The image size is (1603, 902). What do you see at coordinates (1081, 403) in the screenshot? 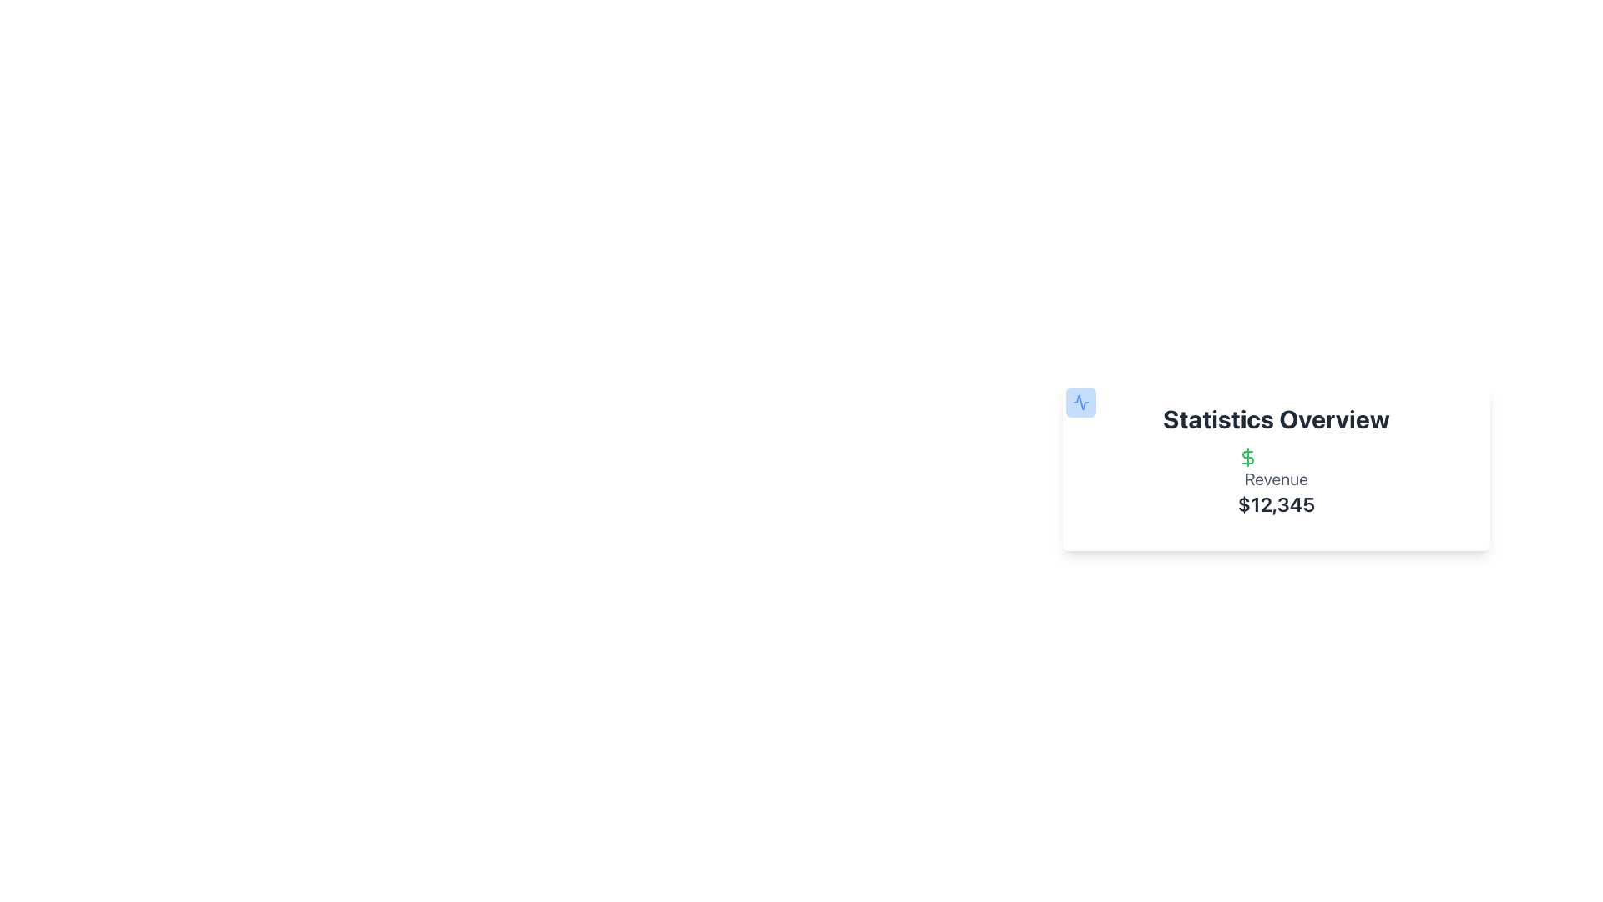
I see `the activity indicator icon located in the top-left corner of the 'Statistics Overview' card widget` at bounding box center [1081, 403].